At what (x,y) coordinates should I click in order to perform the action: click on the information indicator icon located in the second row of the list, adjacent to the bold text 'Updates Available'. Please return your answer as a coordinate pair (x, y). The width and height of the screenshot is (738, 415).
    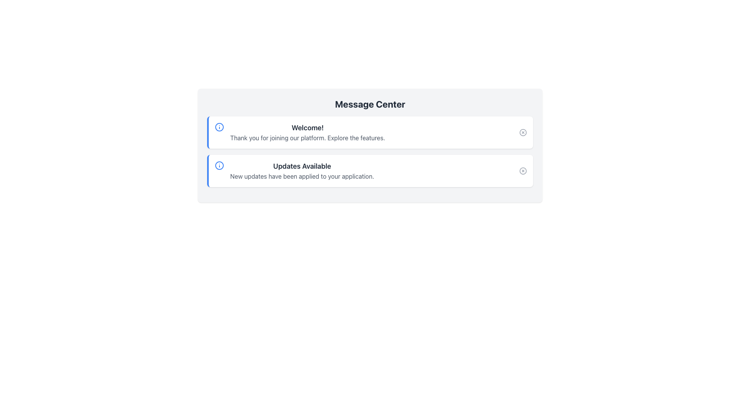
    Looking at the image, I should click on (219, 165).